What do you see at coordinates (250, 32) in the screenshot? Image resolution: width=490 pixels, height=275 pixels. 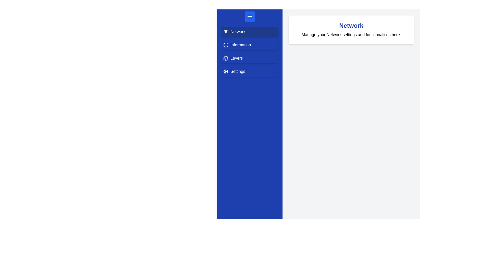 I see `the drawer option labeled 'Network' to observe the hover effect` at bounding box center [250, 32].